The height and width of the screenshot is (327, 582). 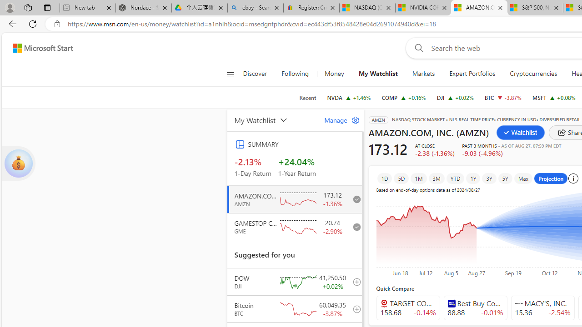 What do you see at coordinates (533, 74) in the screenshot?
I see `'Cryptocurrencies'` at bounding box center [533, 74].